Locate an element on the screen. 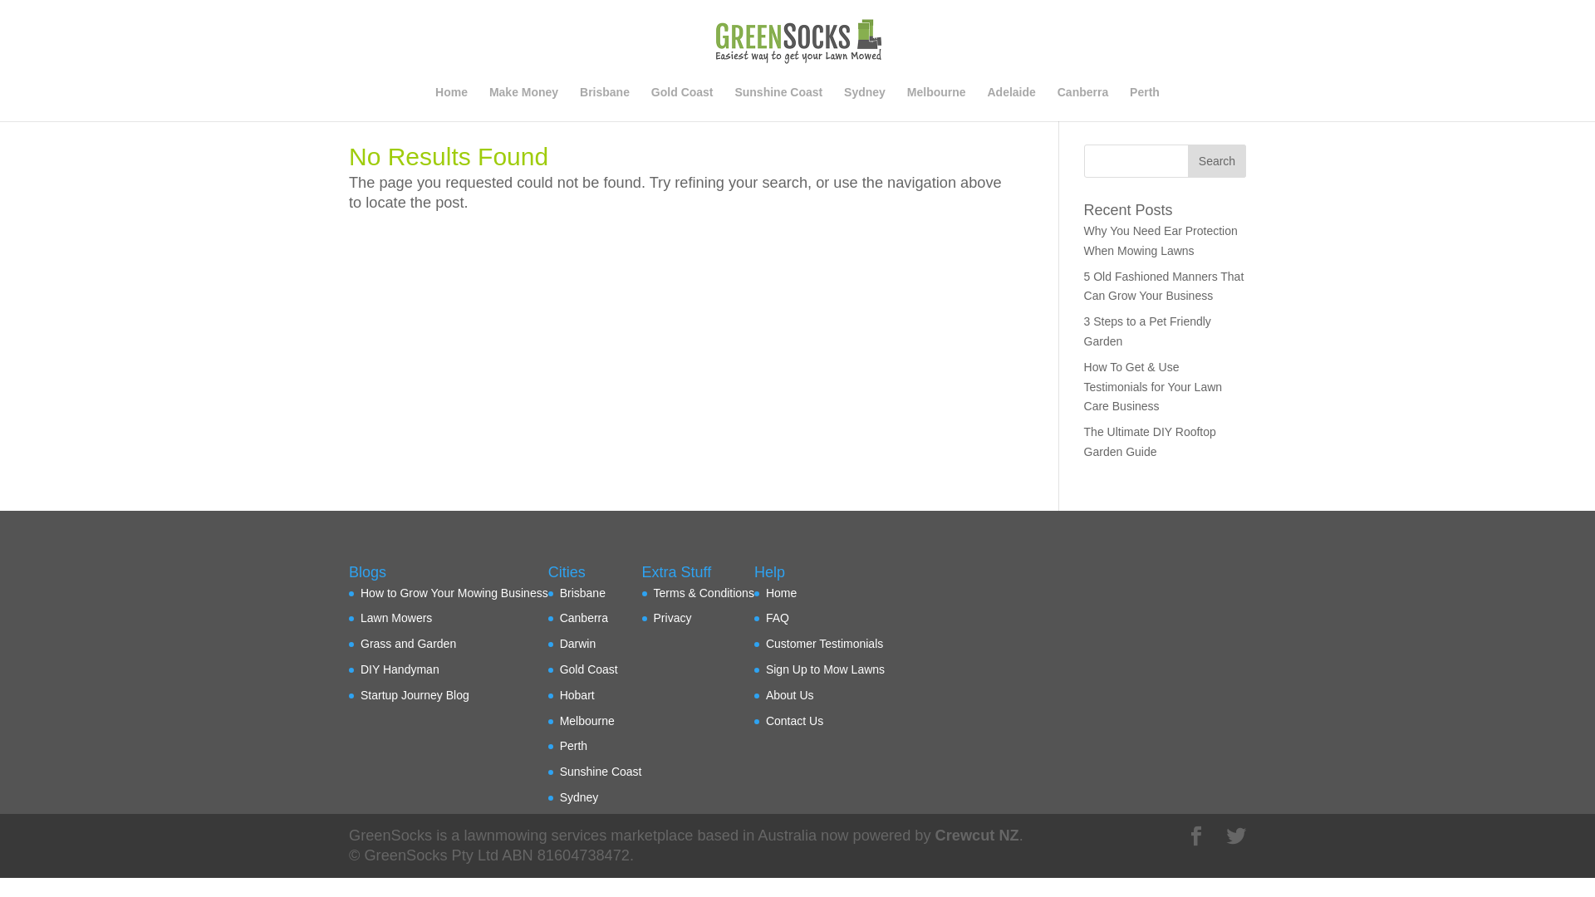 Image resolution: width=1595 pixels, height=897 pixels. 'Grass and Garden' is located at coordinates (408, 643).